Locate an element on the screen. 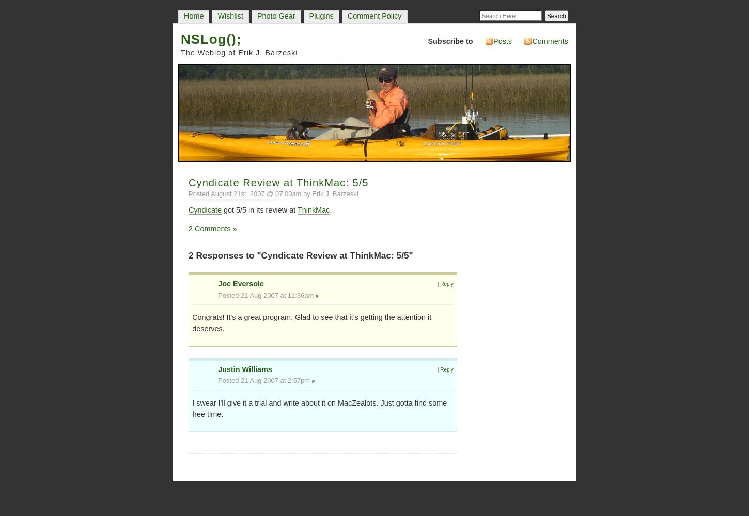  'got 5/5 in its review at' is located at coordinates (259, 209).